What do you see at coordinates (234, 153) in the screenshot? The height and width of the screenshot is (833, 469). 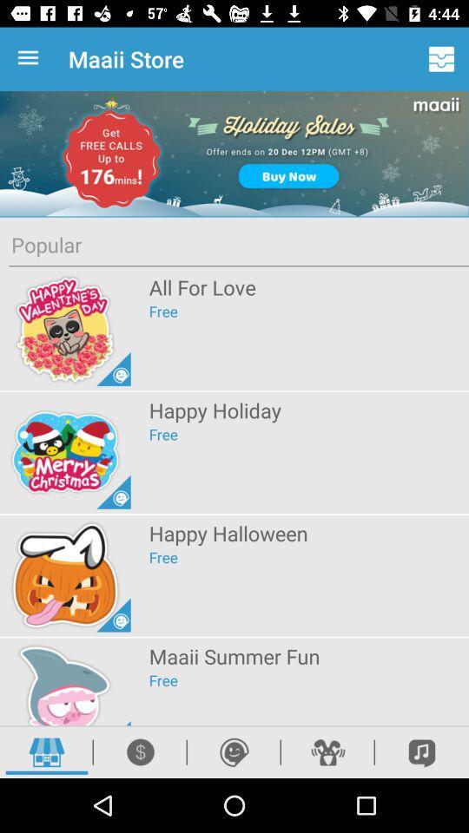 I see `the icon above popular item` at bounding box center [234, 153].